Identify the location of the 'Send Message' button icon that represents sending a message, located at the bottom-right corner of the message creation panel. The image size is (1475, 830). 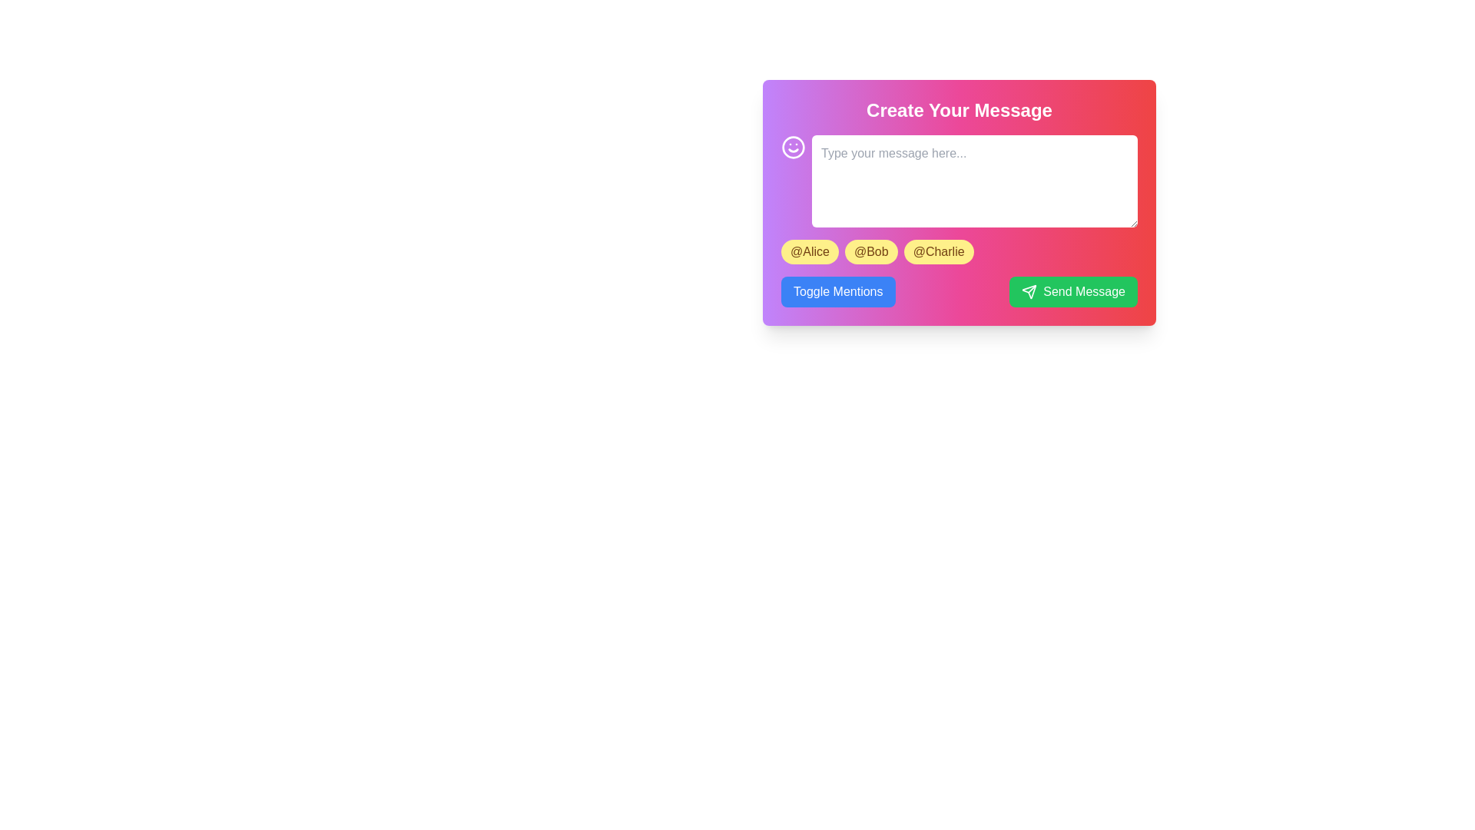
(1029, 292).